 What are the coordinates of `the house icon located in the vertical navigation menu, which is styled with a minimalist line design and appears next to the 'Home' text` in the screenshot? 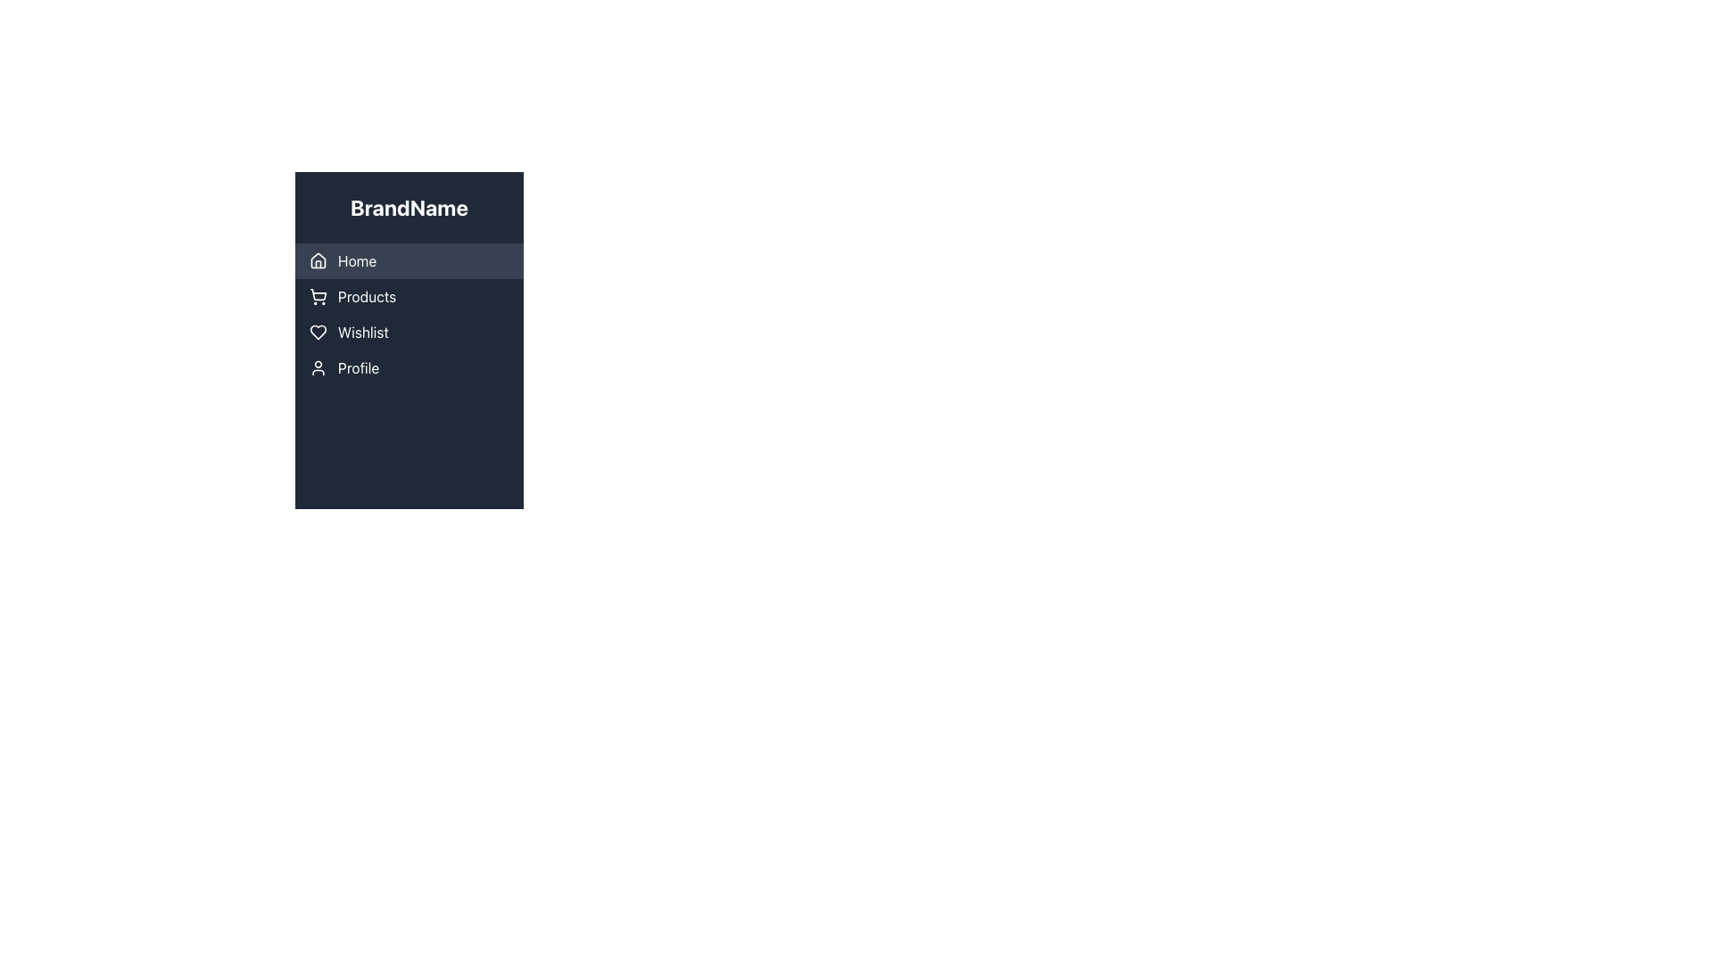 It's located at (318, 261).